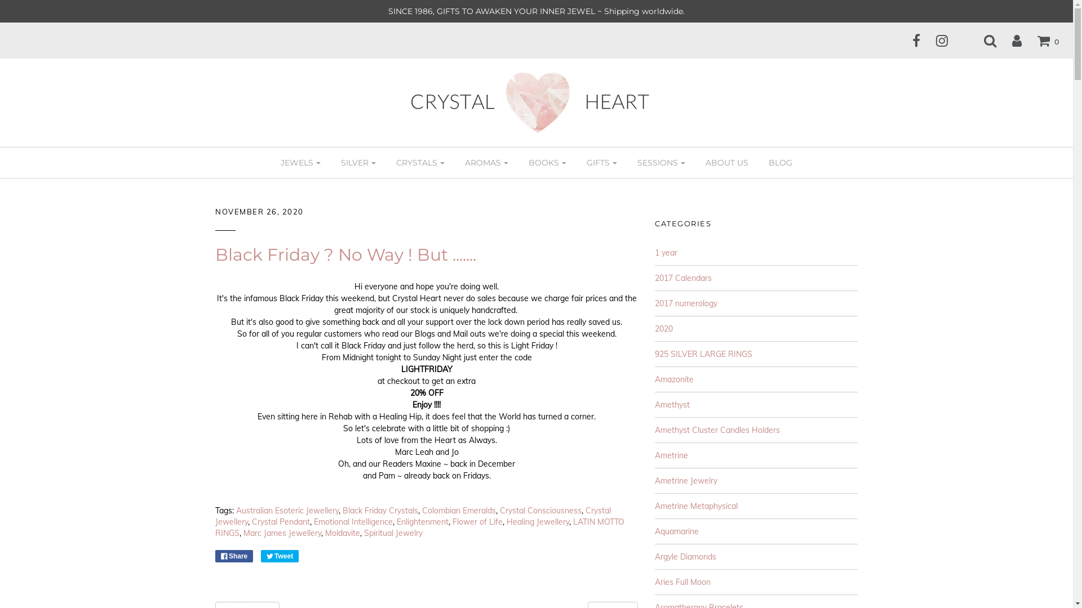  I want to click on 'ABOUT US', so click(727, 163).